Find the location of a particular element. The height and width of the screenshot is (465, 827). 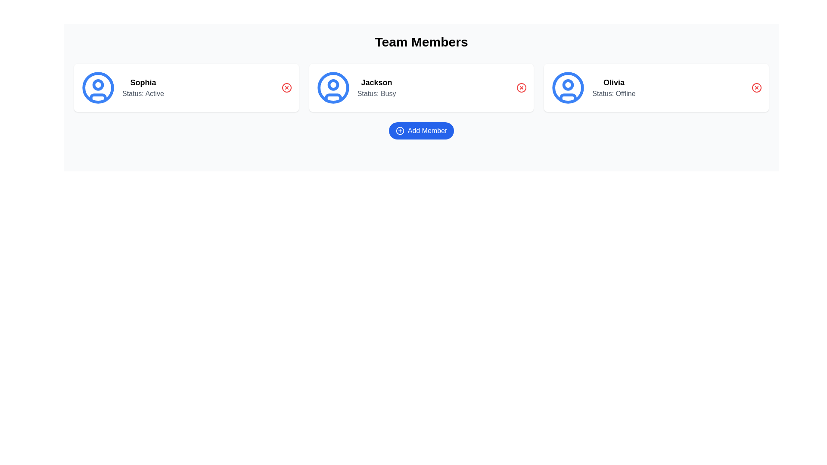

the text label displaying 'Sophia' which is bold and large, located in the leftmost profile tile above the 'Status: Active' label is located at coordinates (143, 88).